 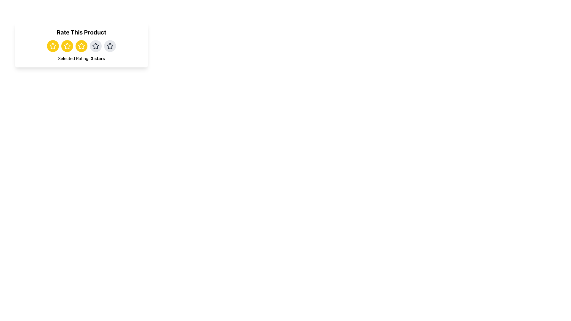 What do you see at coordinates (98, 58) in the screenshot?
I see `the bold text displaying the currently selected rating level, which shows '3 stars' and is positioned below the star rating icons` at bounding box center [98, 58].